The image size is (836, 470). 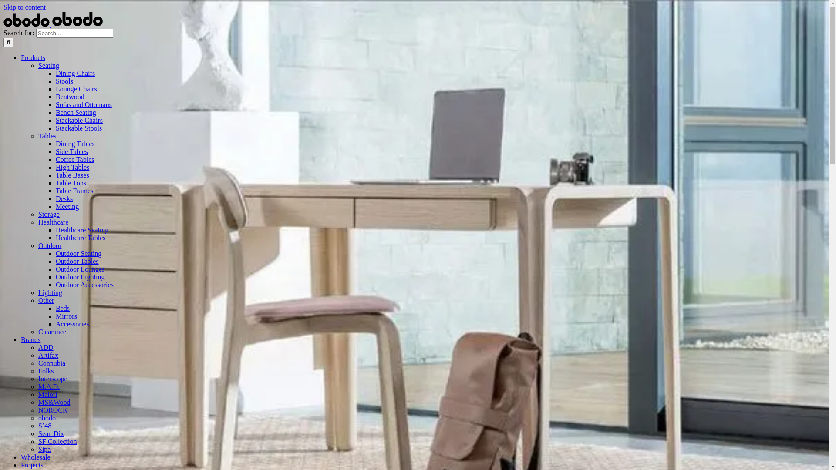 What do you see at coordinates (52, 332) in the screenshot?
I see `'Clearance'` at bounding box center [52, 332].